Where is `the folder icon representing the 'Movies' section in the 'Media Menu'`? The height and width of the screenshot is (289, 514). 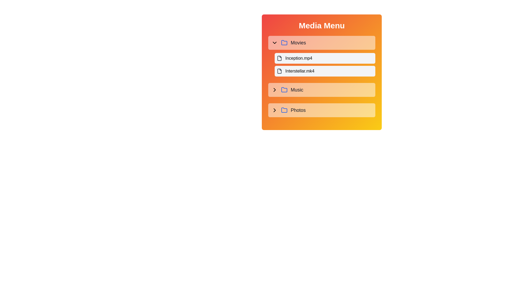 the folder icon representing the 'Movies' section in the 'Media Menu' is located at coordinates (284, 42).